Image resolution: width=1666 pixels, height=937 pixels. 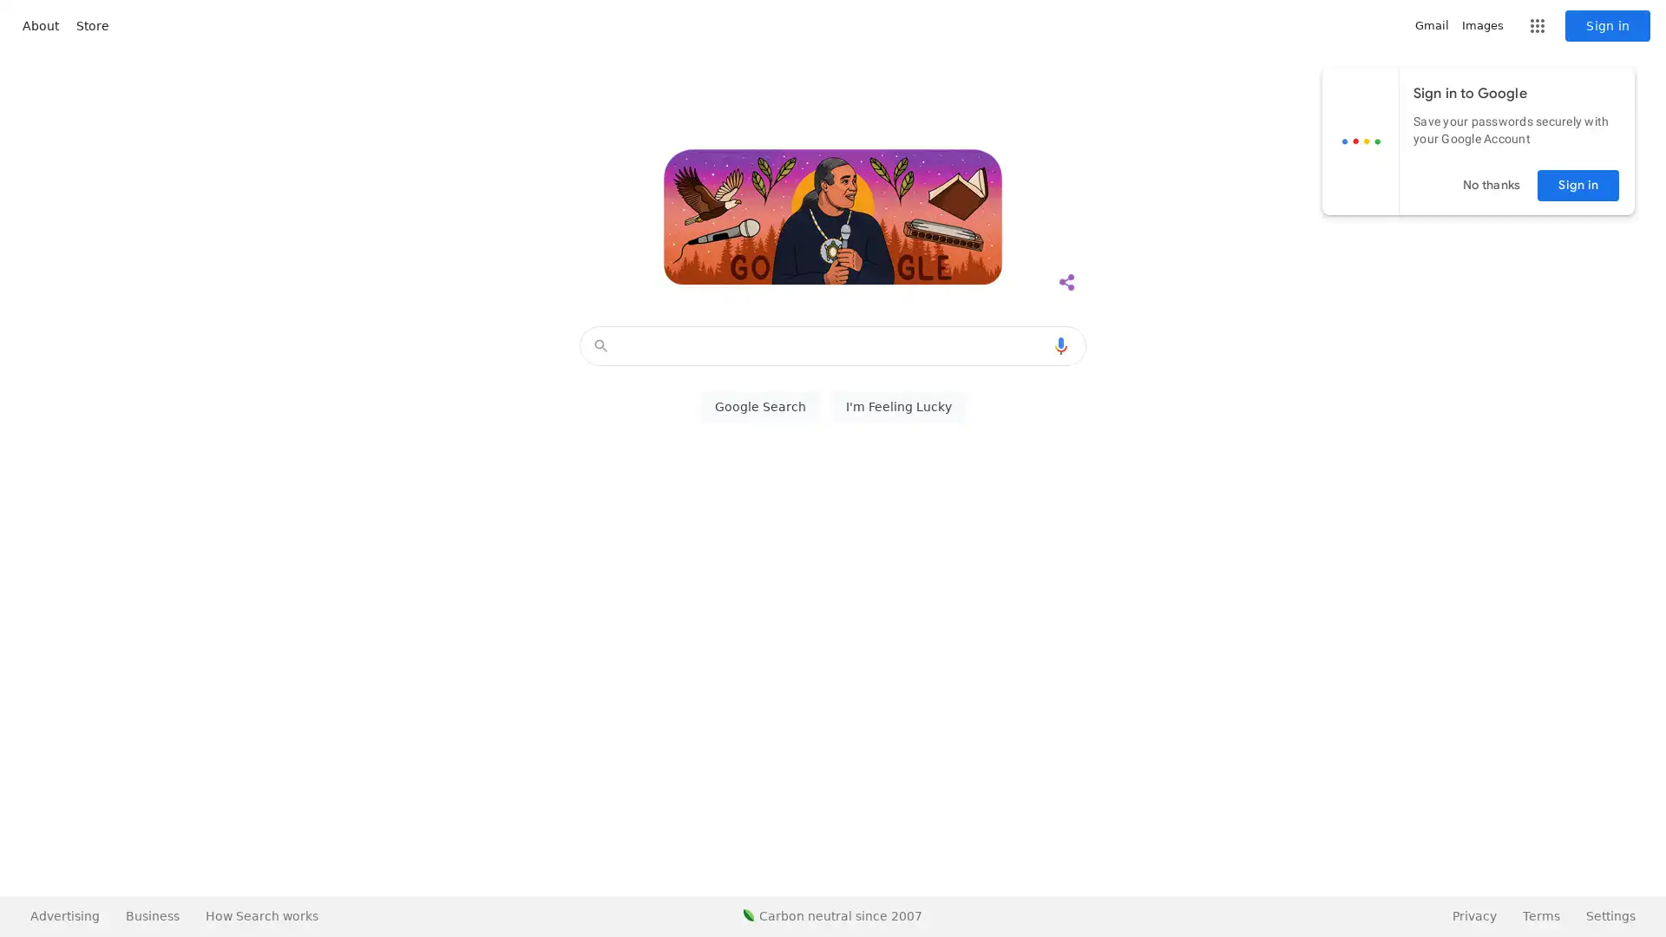 What do you see at coordinates (759, 407) in the screenshot?
I see `Google Search` at bounding box center [759, 407].